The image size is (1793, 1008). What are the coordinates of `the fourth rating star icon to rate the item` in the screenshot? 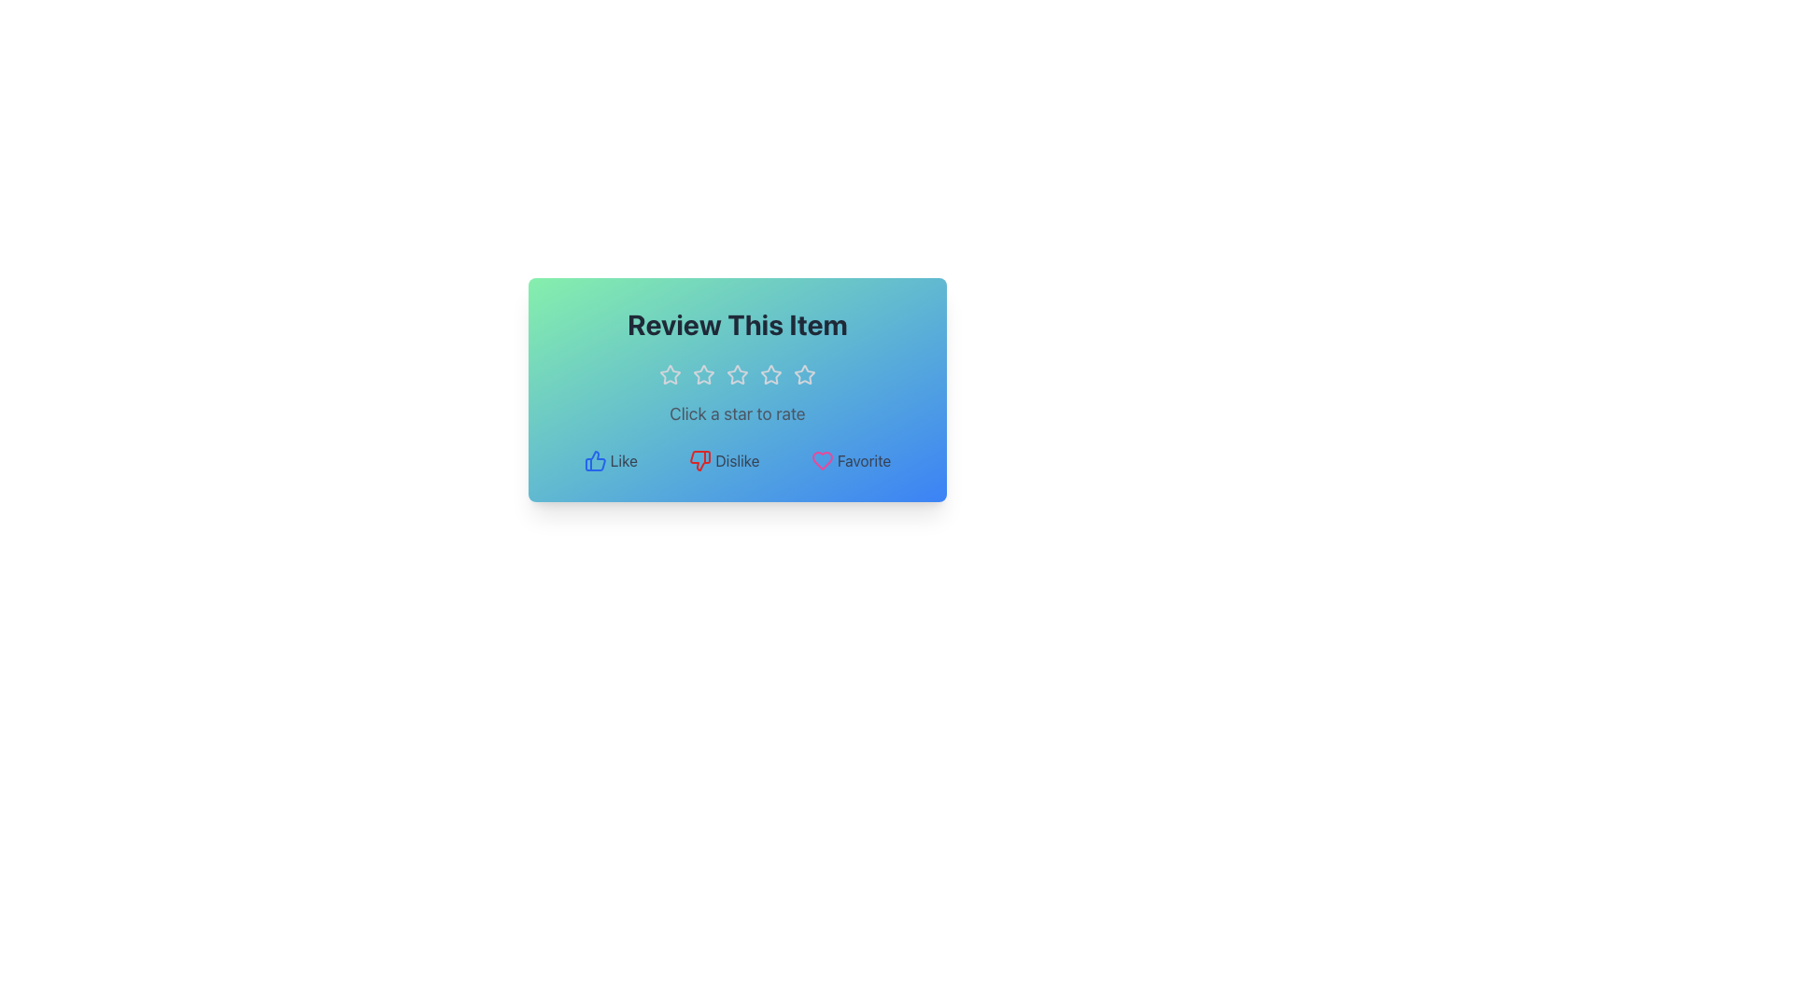 It's located at (770, 374).